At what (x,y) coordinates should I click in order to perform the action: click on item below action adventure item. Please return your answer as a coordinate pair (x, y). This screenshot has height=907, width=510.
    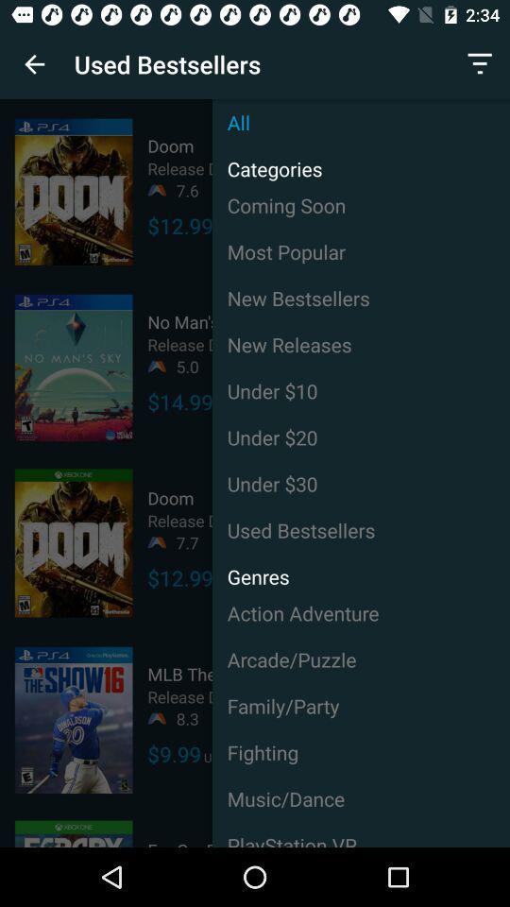
    Looking at the image, I should click on (361, 659).